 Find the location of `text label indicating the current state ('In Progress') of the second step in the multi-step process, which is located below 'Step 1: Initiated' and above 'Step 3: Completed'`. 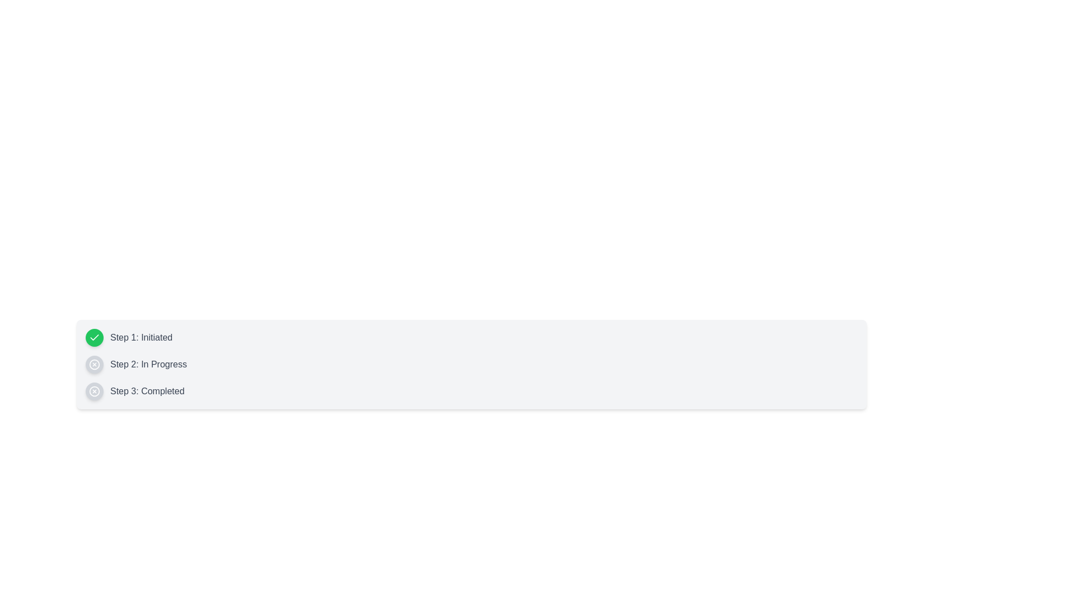

text label indicating the current state ('In Progress') of the second step in the multi-step process, which is located below 'Step 1: Initiated' and above 'Step 3: Completed' is located at coordinates (148, 364).